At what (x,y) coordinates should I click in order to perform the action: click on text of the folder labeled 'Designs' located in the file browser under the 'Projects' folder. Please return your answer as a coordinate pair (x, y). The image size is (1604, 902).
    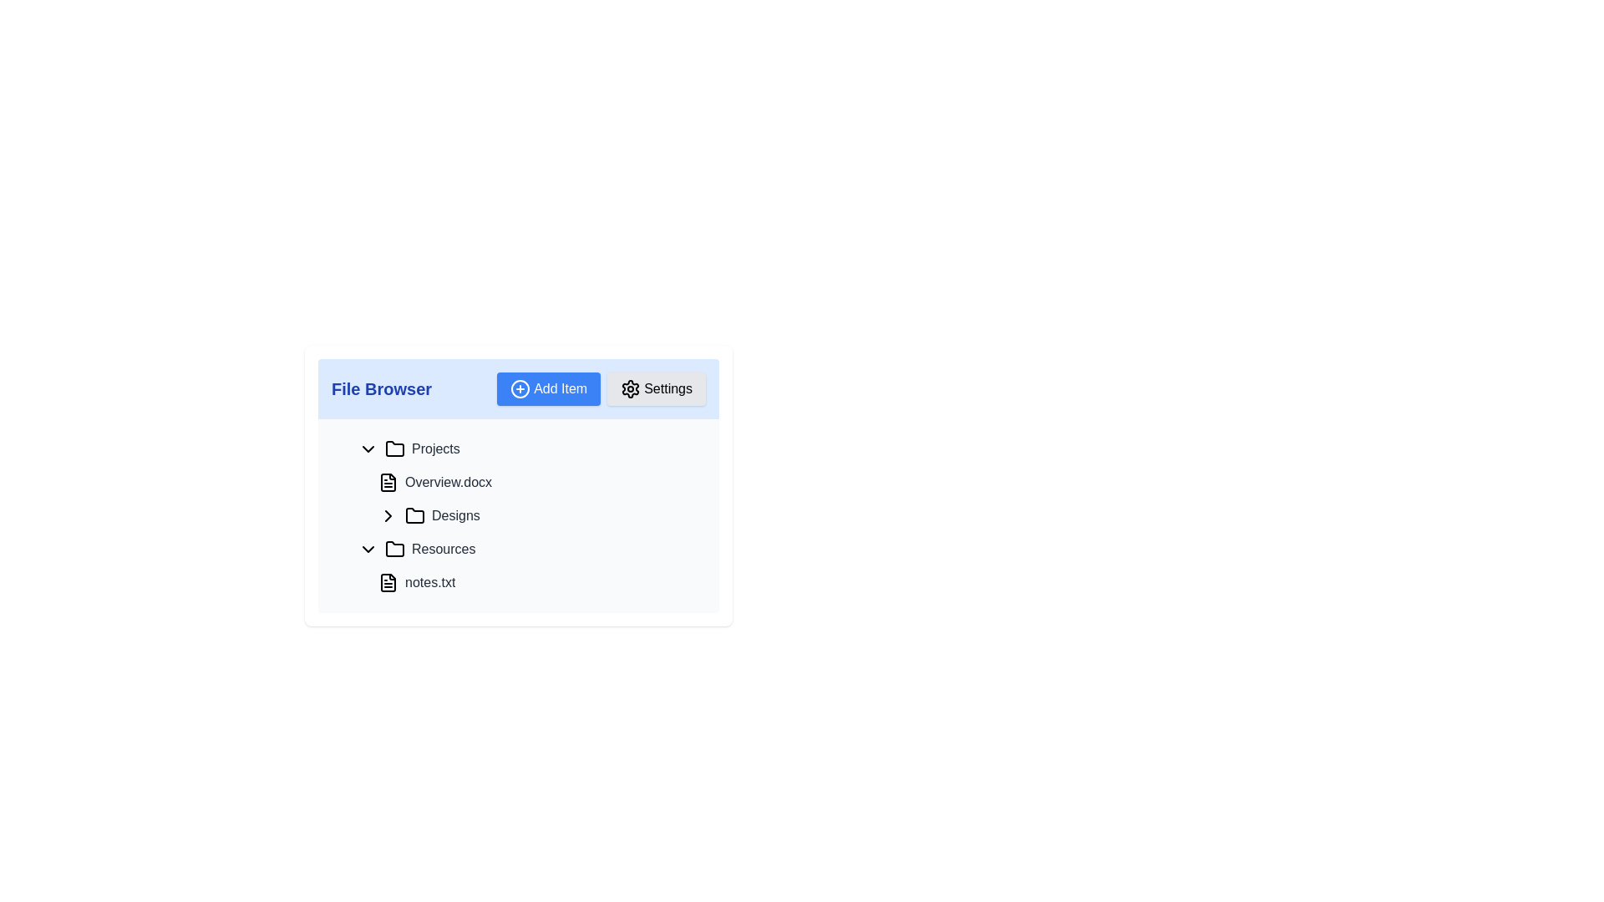
    Looking at the image, I should click on (455, 514).